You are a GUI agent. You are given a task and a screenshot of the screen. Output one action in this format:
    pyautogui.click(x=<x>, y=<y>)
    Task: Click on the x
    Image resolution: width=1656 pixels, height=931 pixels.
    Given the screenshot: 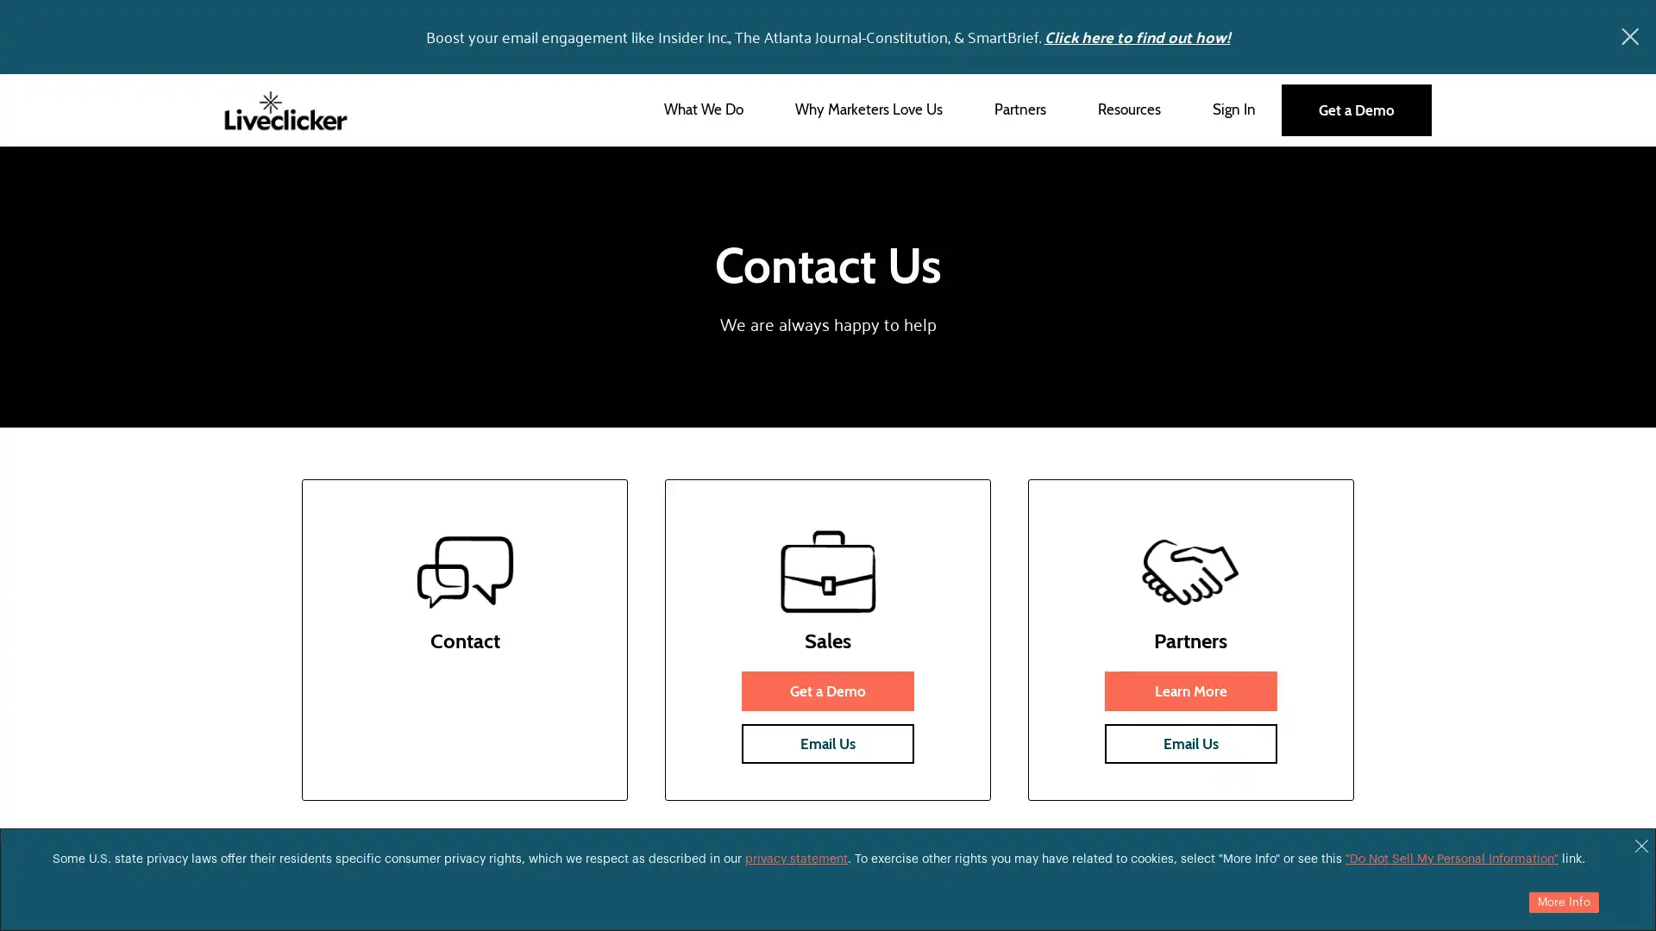 What is the action you would take?
    pyautogui.click(x=1629, y=36)
    